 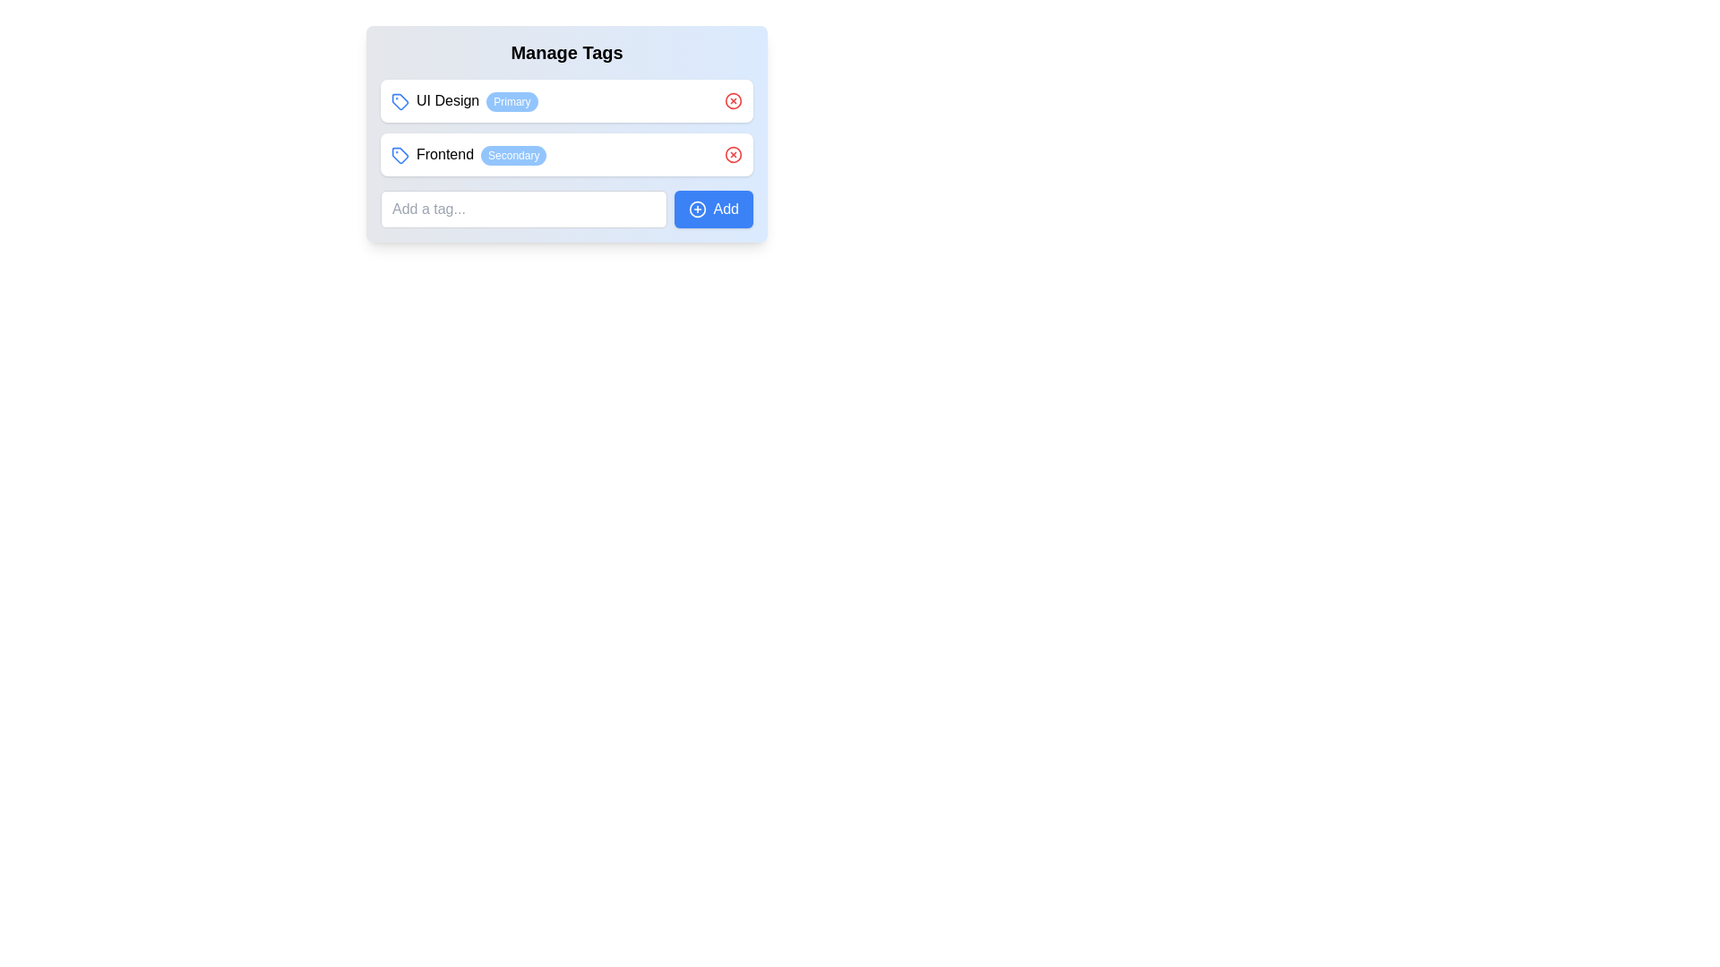 I want to click on the 'Frontend Secondary' label with a blue icon and rounded badge, so click(x=469, y=154).